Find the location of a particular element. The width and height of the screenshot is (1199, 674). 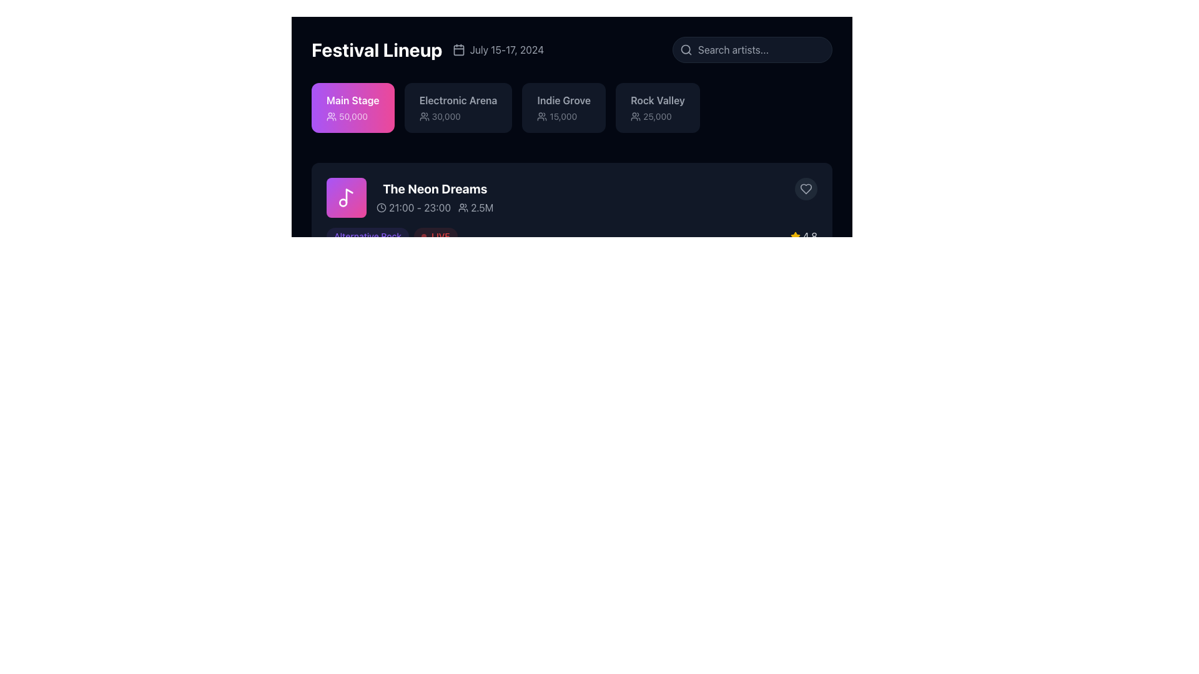

the small circular clock icon located to the left of the text '21:00 - 23:00' in the event details section below the title 'The Neon Dreams' is located at coordinates (380, 207).